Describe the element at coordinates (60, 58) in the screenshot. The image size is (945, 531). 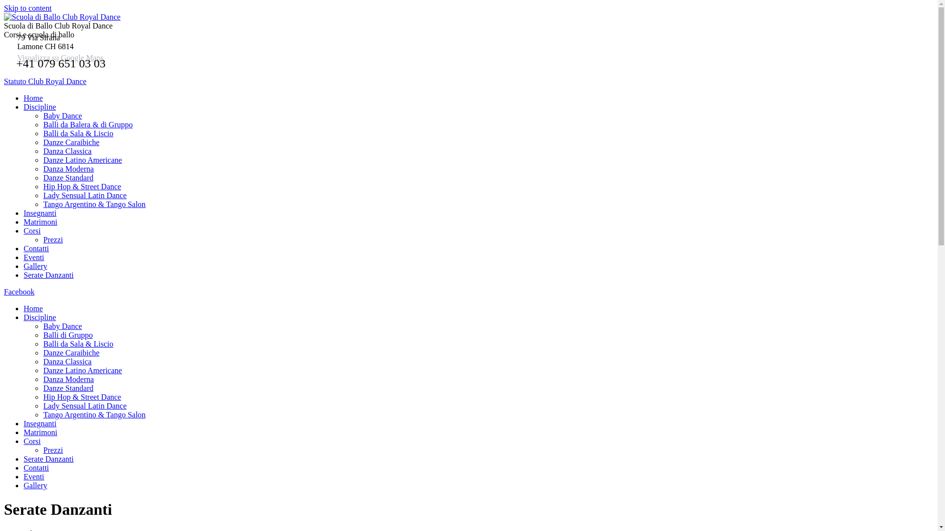
I see `'Visualizza su Google Maps'` at that location.